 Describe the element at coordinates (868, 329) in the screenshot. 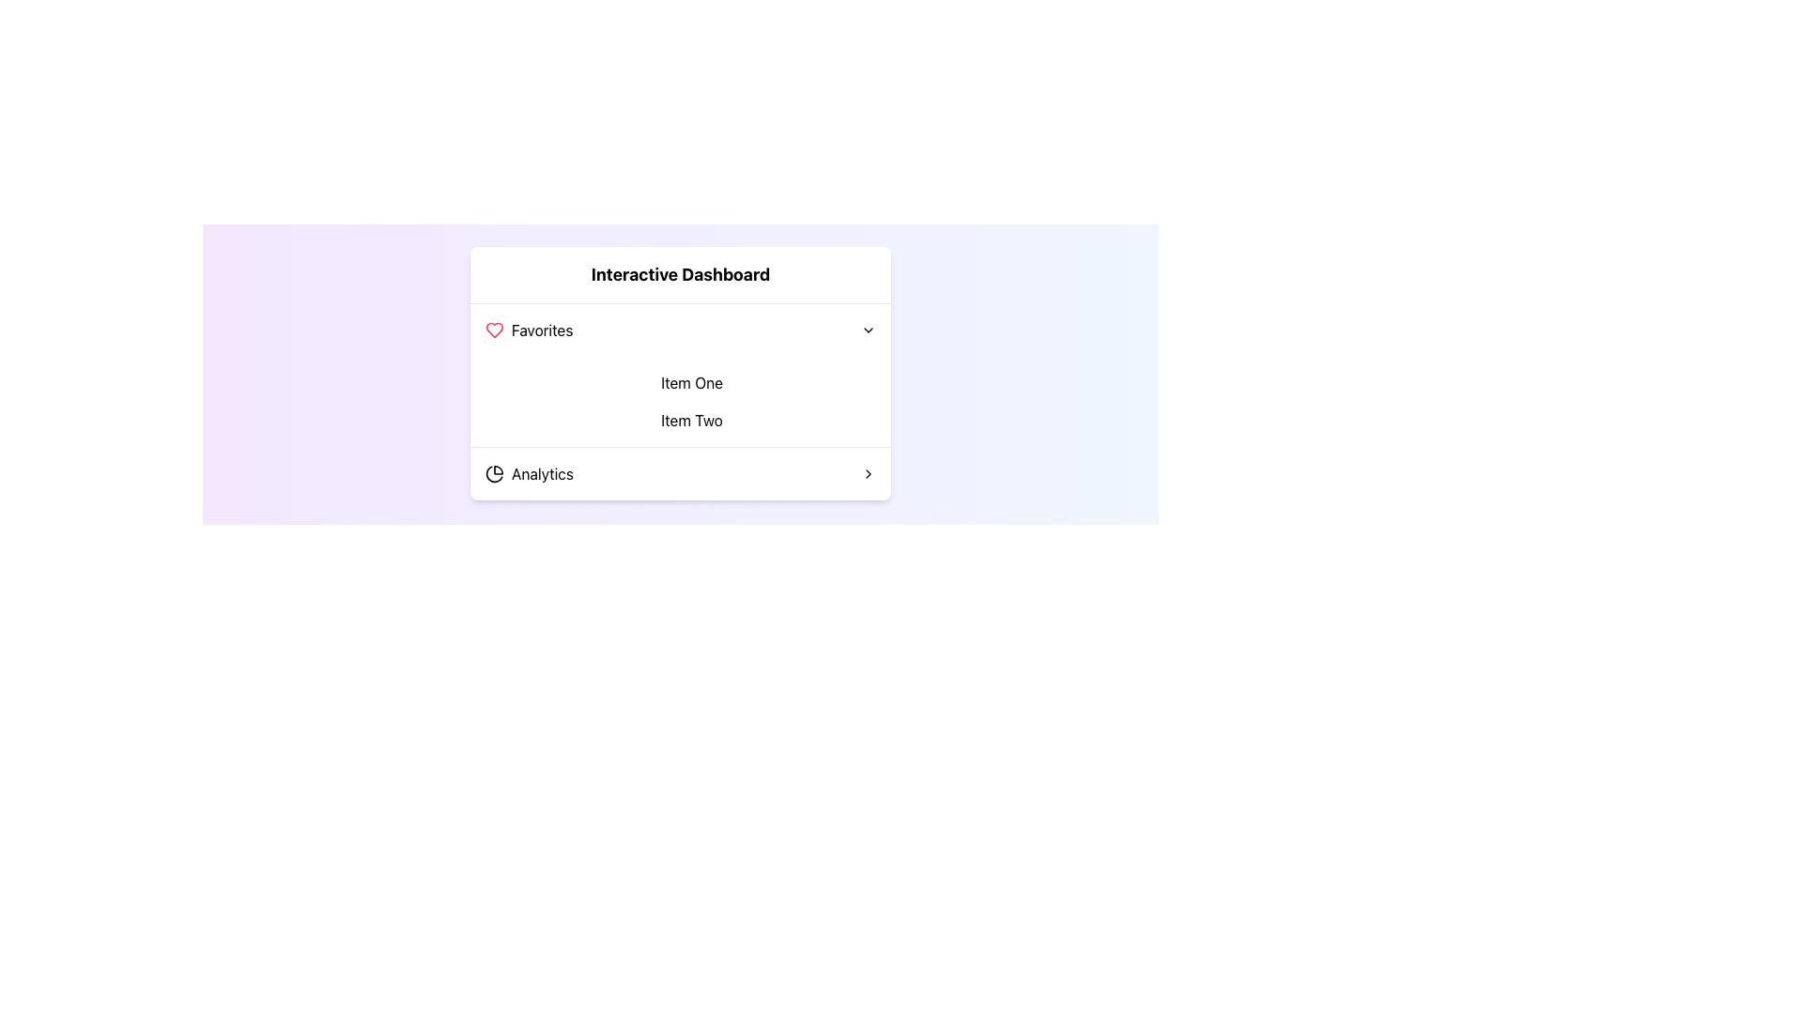

I see `the chevron icon on the right side of the Favorites section header` at that location.